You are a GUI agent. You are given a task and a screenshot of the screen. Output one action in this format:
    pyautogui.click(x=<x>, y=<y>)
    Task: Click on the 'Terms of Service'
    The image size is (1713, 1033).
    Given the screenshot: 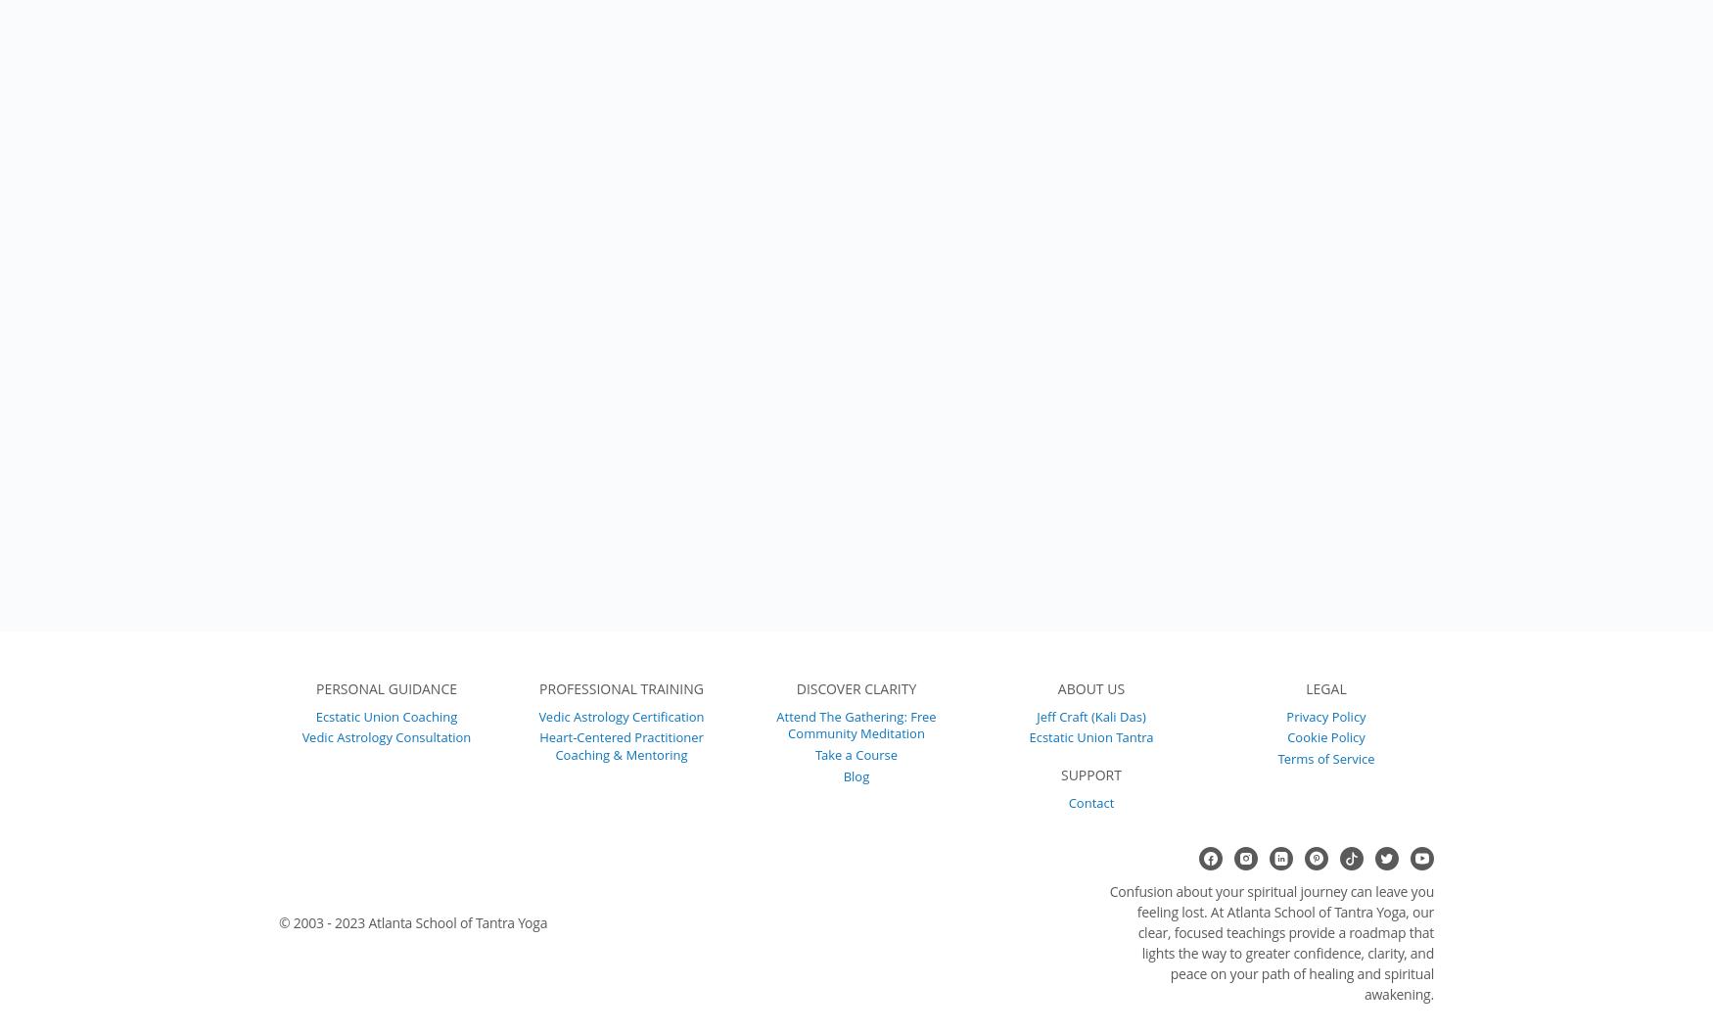 What is the action you would take?
    pyautogui.click(x=1325, y=756)
    